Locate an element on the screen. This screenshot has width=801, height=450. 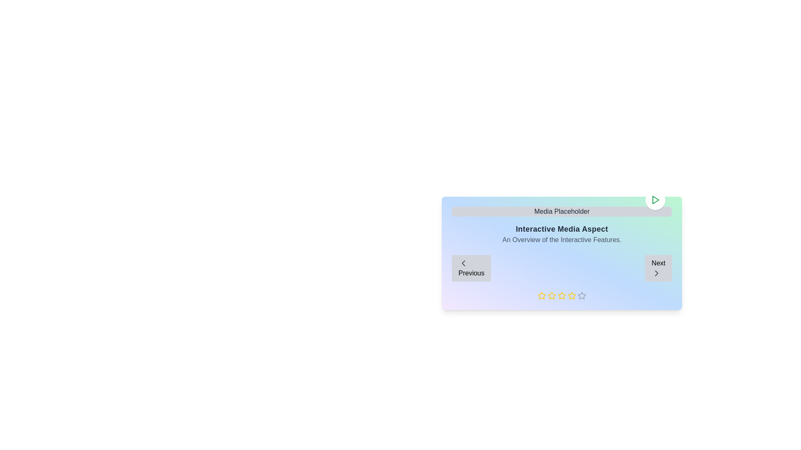
the fifth star icon in the rating feature, which is part of a horizontal row of six stars located at the lower section of the card interface is located at coordinates (562, 295).